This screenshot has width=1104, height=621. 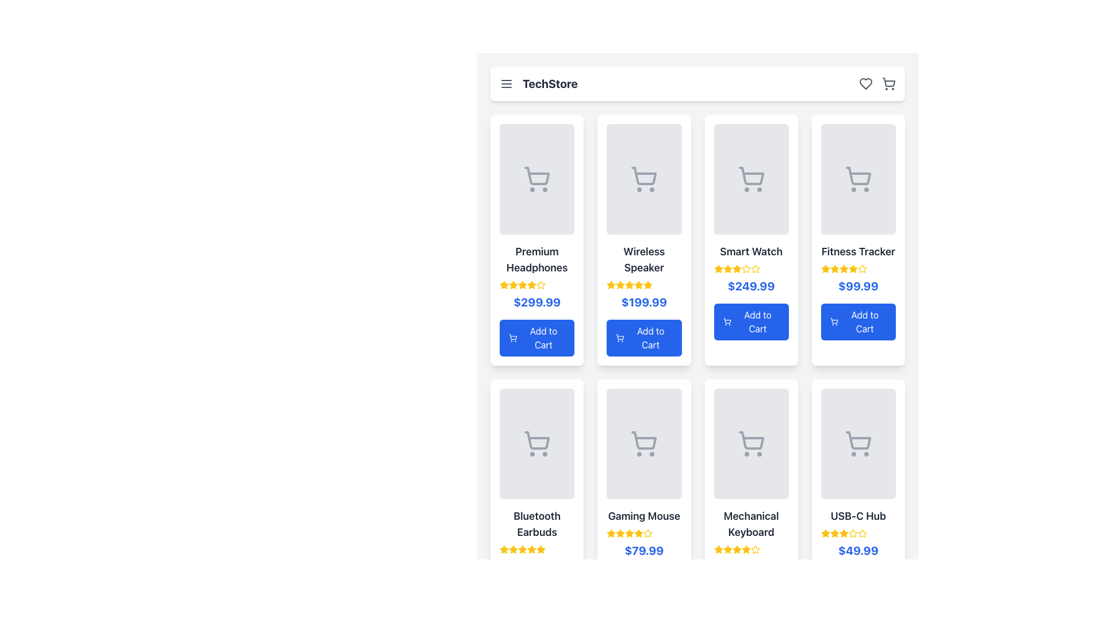 What do you see at coordinates (746, 549) in the screenshot?
I see `the third yellow star-shaped rating icon representing the product rating for the Mechanical Keyboard` at bounding box center [746, 549].